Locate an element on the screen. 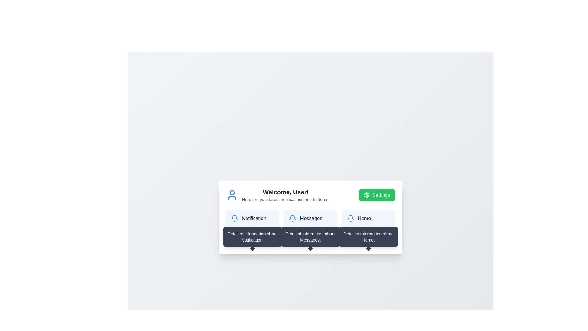 This screenshot has width=588, height=331. the cog-shaped SVG icon on the green 'Settings' button located in the top-right corner of the card layout is located at coordinates (367, 195).